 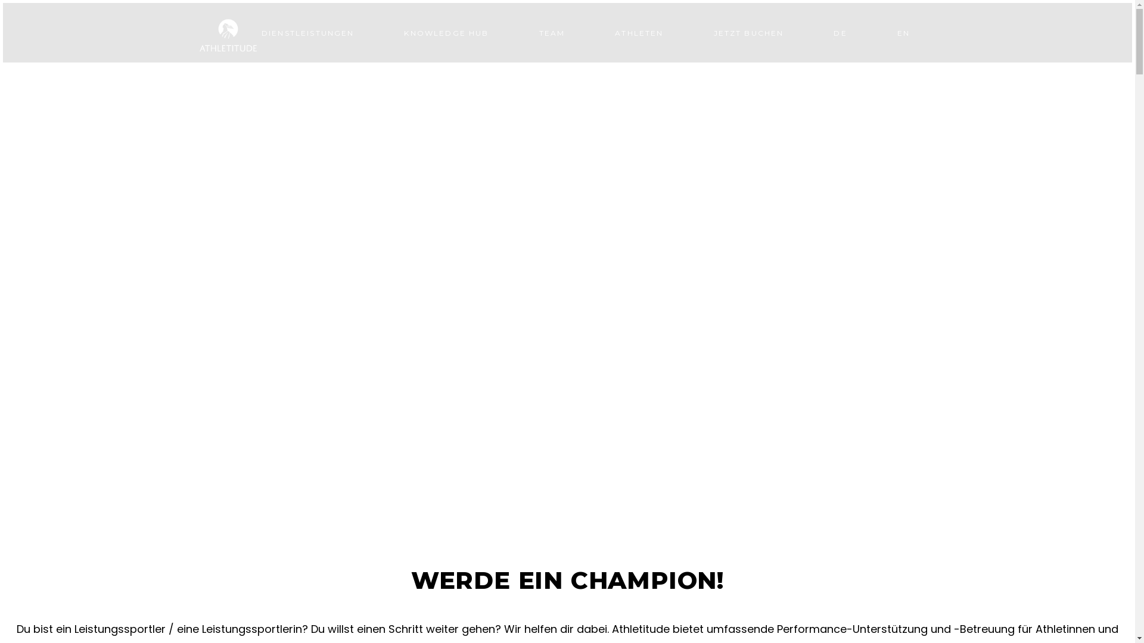 What do you see at coordinates (308, 32) in the screenshot?
I see `'DIENSTLEISTUNGEN'` at bounding box center [308, 32].